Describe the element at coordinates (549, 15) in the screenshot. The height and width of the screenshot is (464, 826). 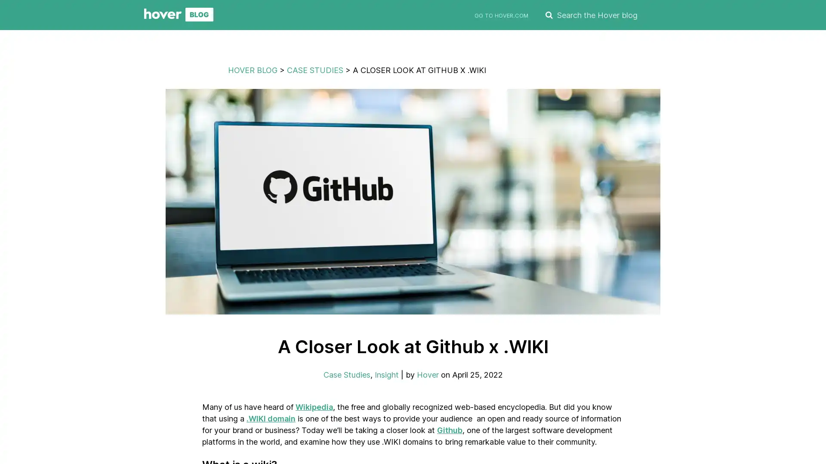
I see `SEARCH` at that location.